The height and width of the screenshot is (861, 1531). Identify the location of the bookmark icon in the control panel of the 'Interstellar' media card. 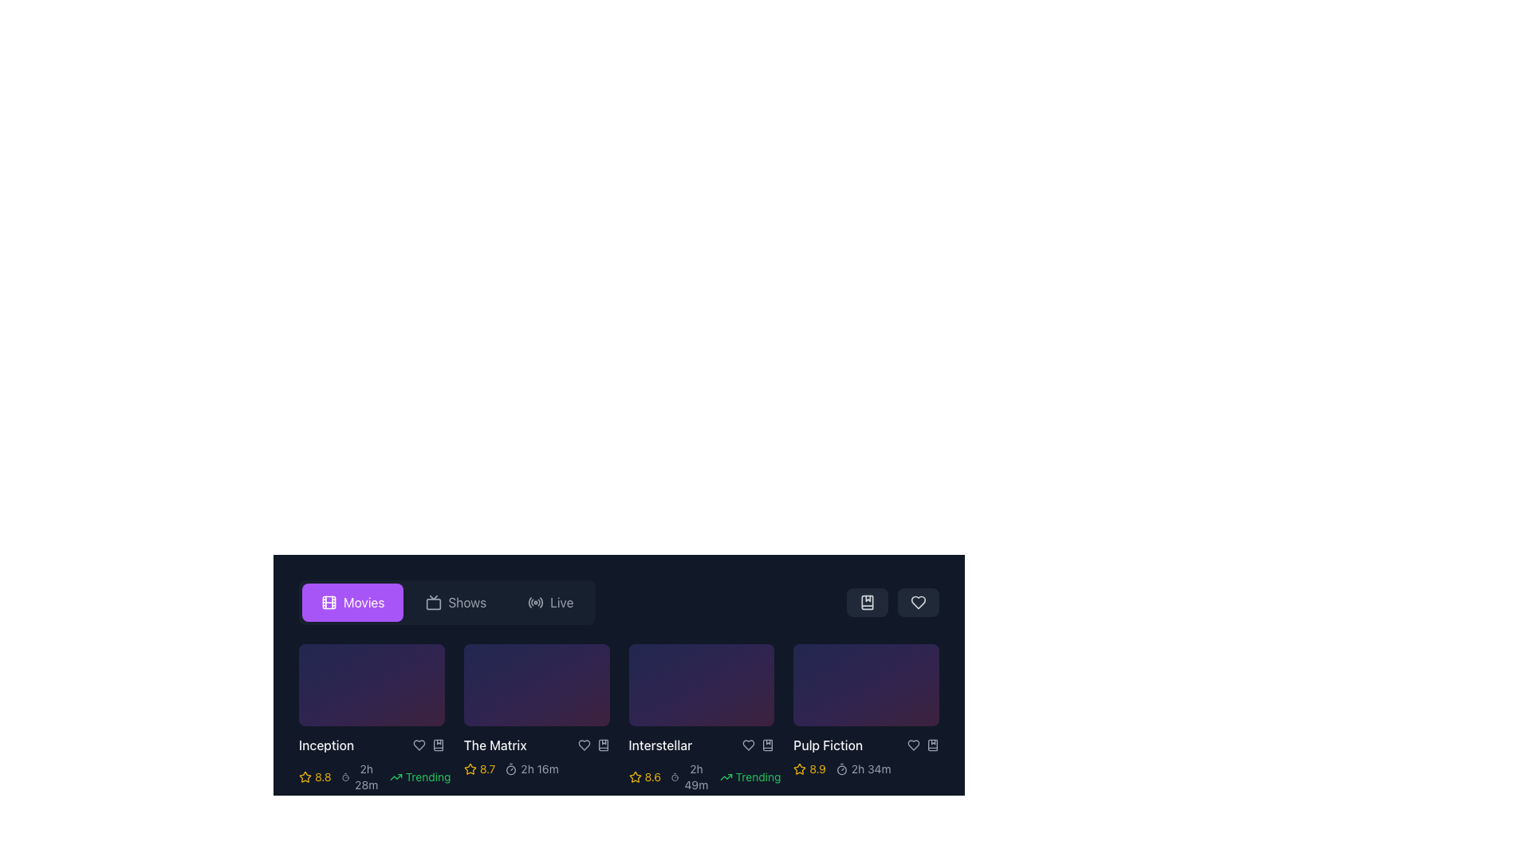
(758, 745).